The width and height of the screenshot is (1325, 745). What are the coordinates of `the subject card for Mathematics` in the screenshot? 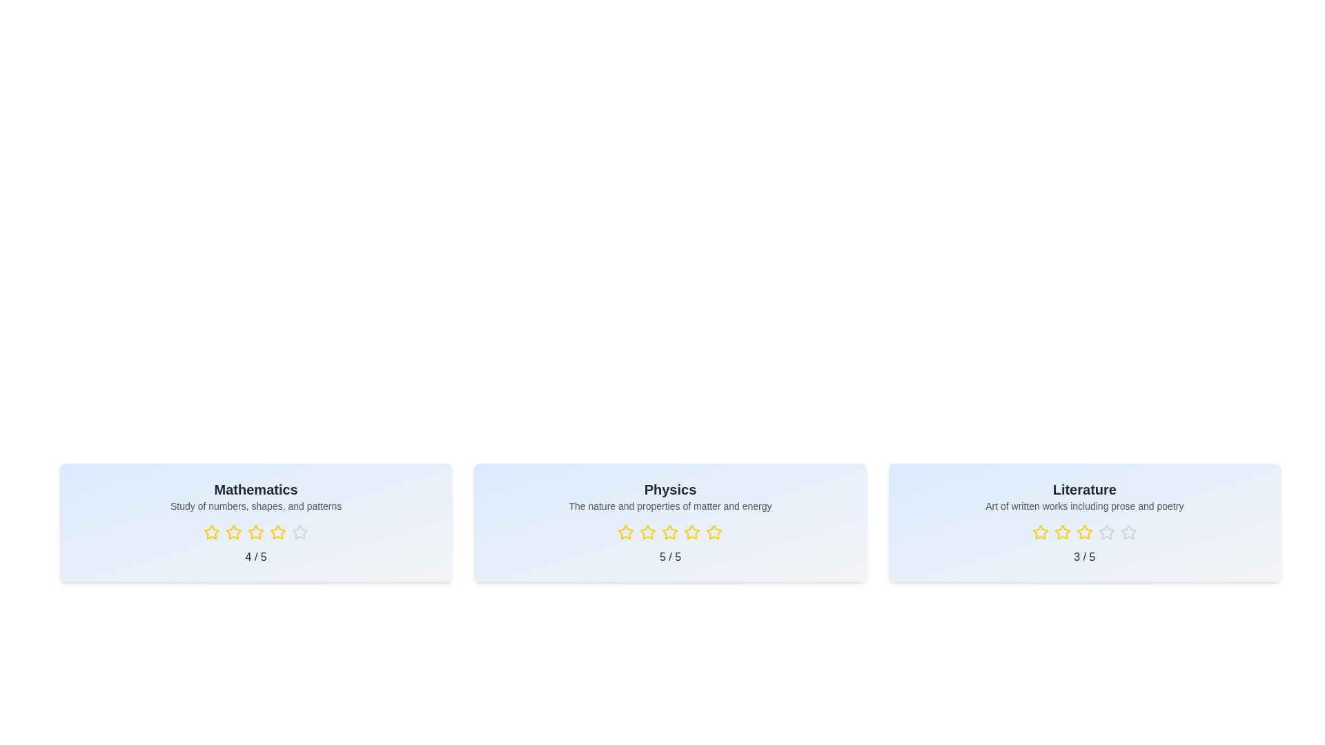 It's located at (255, 523).